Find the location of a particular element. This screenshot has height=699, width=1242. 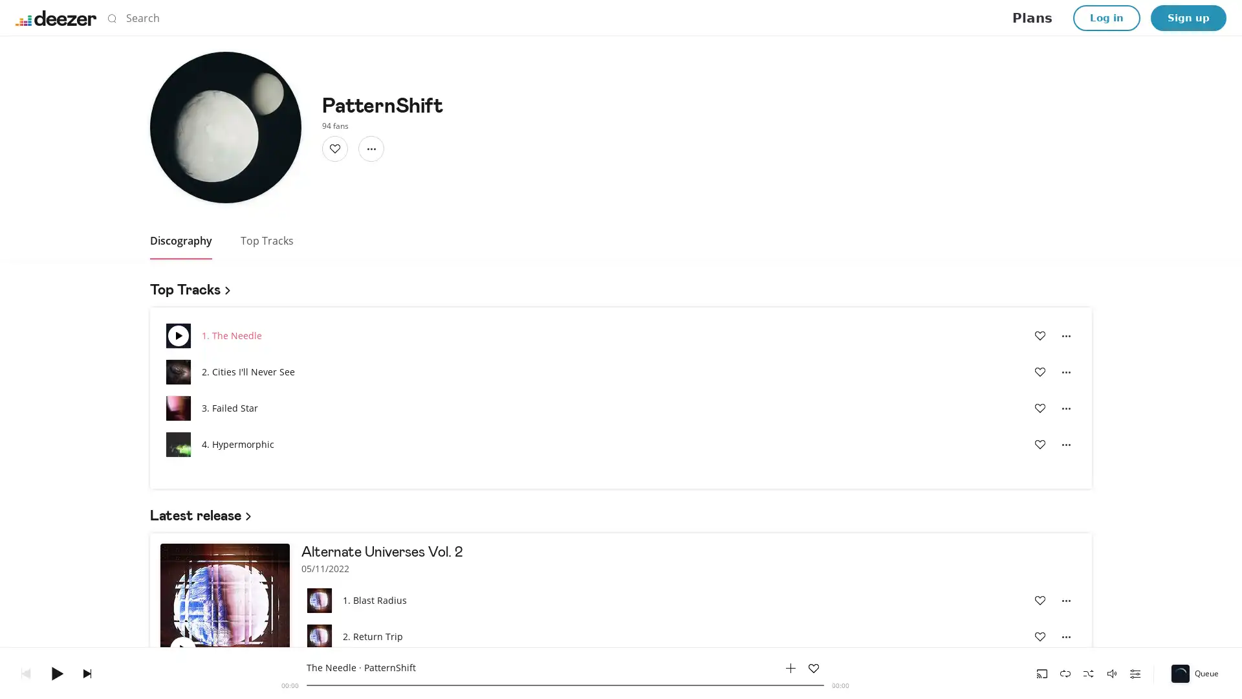

Play Return Trip by PatternShift is located at coordinates (320, 636).